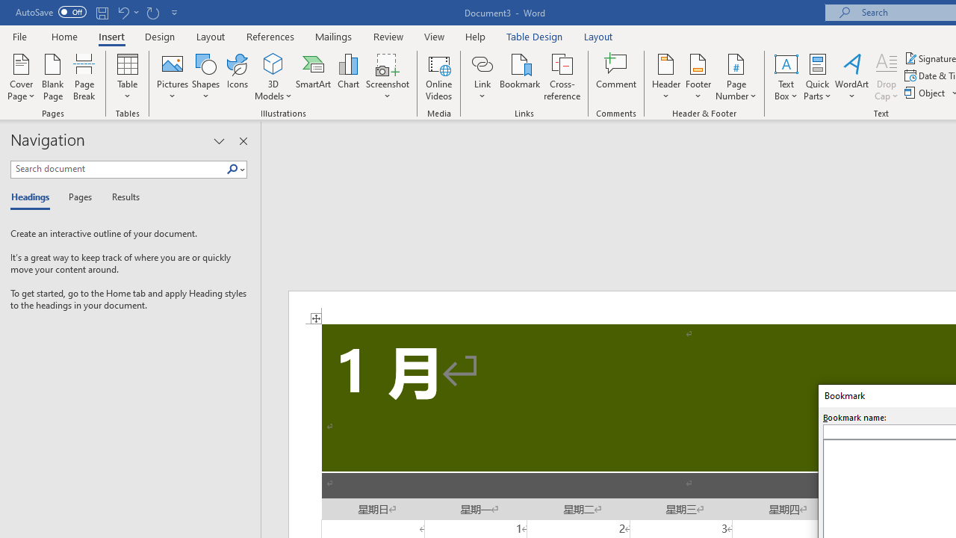  I want to click on 'Customize Quick Access Toolbar', so click(175, 12).